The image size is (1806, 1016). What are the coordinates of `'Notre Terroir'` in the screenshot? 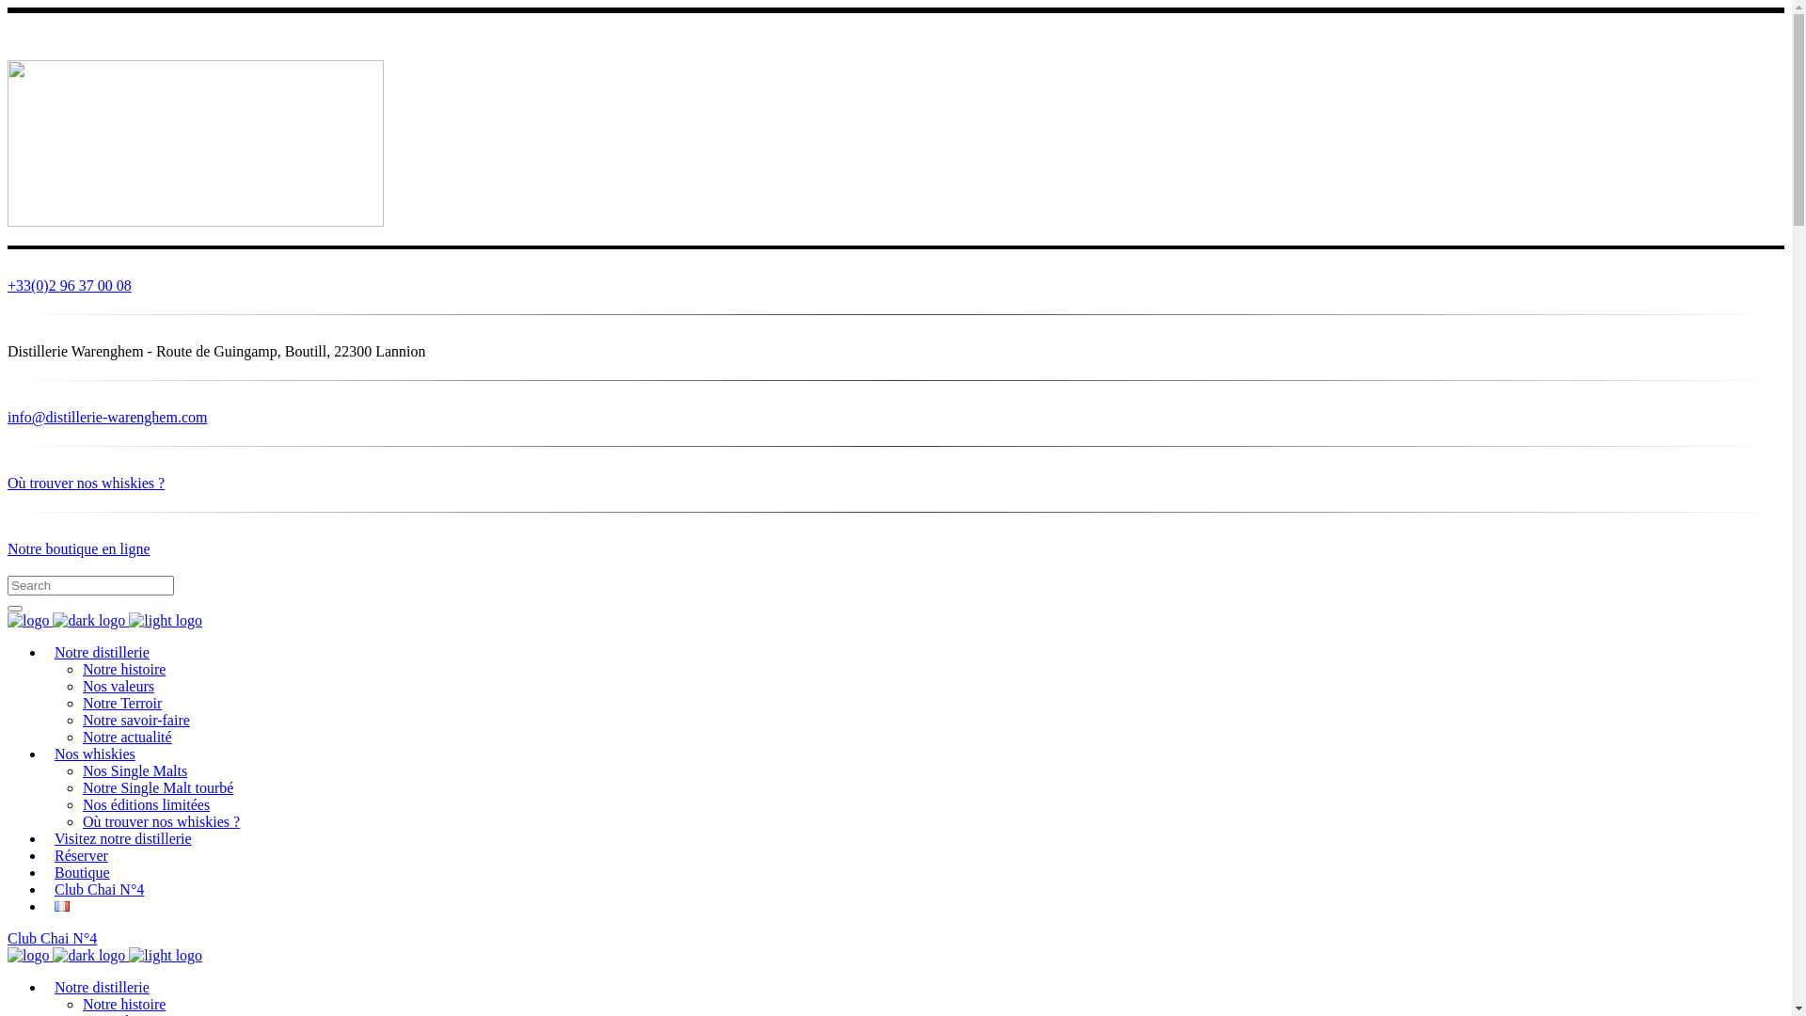 It's located at (120, 703).